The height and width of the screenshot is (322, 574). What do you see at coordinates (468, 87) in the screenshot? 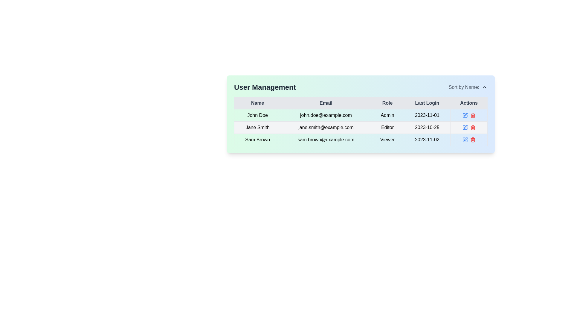
I see `the caret icon of the Sorting control located in the top-right corner of the data table to change the sorting order` at bounding box center [468, 87].